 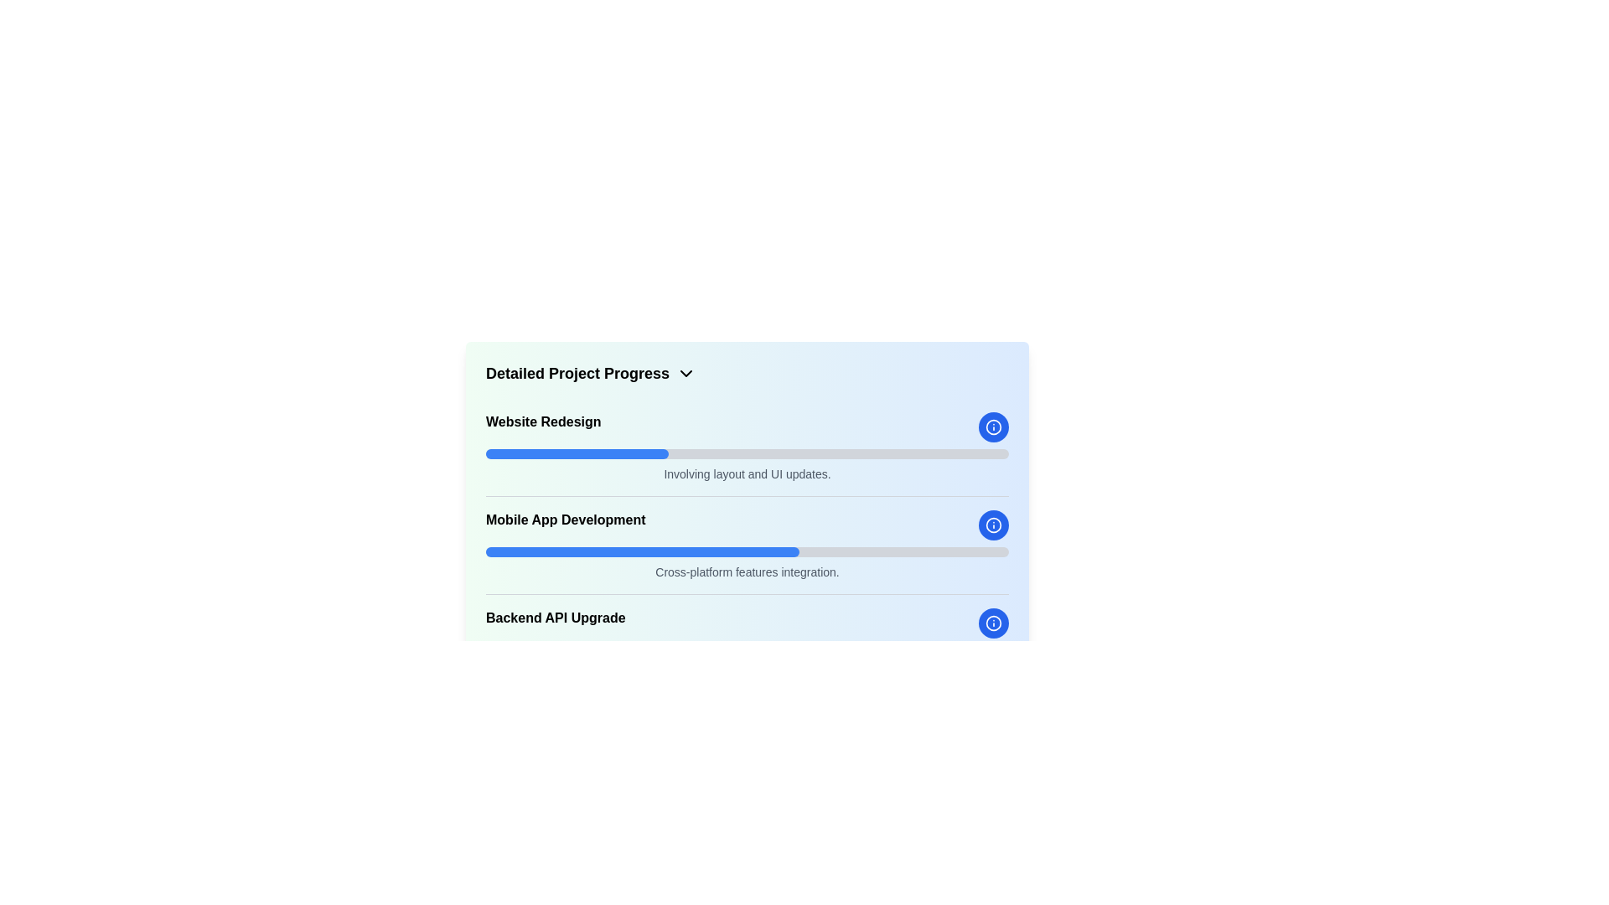 What do you see at coordinates (993, 426) in the screenshot?
I see `the circular information icon button with a blue background and a white information symbol, located on the right side of the 'Website Redesign' row` at bounding box center [993, 426].